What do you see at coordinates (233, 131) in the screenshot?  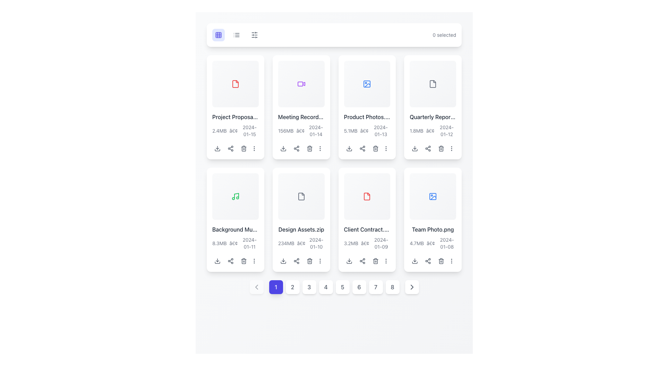 I see `the small bullet point (•) located between '2.4MB' and '2024-01-15' in the metadata segment of the first 'Project Proposal' card` at bounding box center [233, 131].